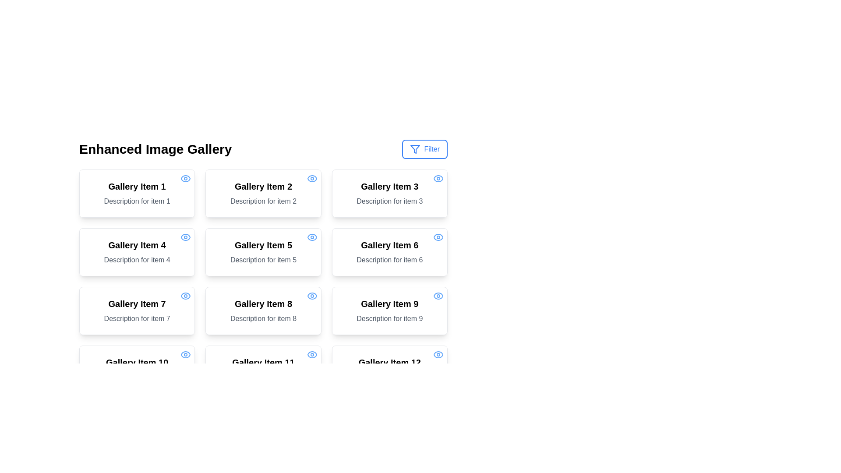 The width and height of the screenshot is (841, 473). Describe the element at coordinates (137, 370) in the screenshot. I see `title 'Gallery Item 10' and description 'Description for item 10' from the Information card located in the bottom-left section of the grid layout` at that location.